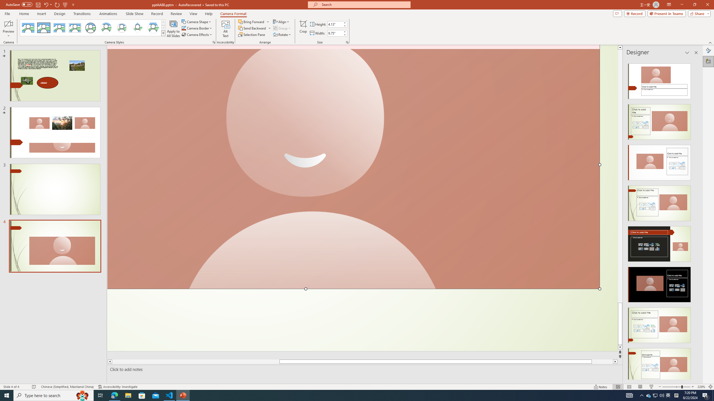 This screenshot has height=401, width=714. What do you see at coordinates (701, 387) in the screenshot?
I see `'Zoom 226%'` at bounding box center [701, 387].